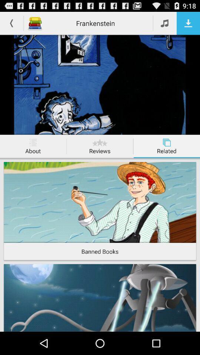 The image size is (200, 355). What do you see at coordinates (188, 25) in the screenshot?
I see `the file_download icon` at bounding box center [188, 25].